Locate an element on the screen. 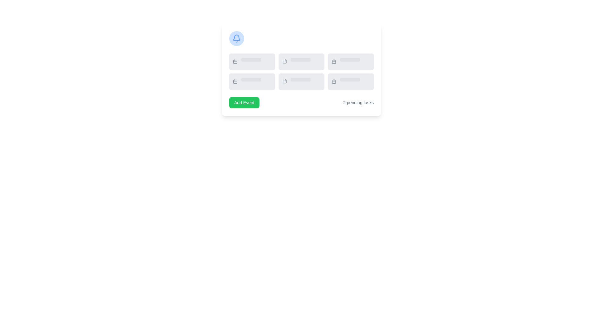  the calendar icon with a gray outline located in the second column of the lower row in a grid layout is located at coordinates (284, 81).